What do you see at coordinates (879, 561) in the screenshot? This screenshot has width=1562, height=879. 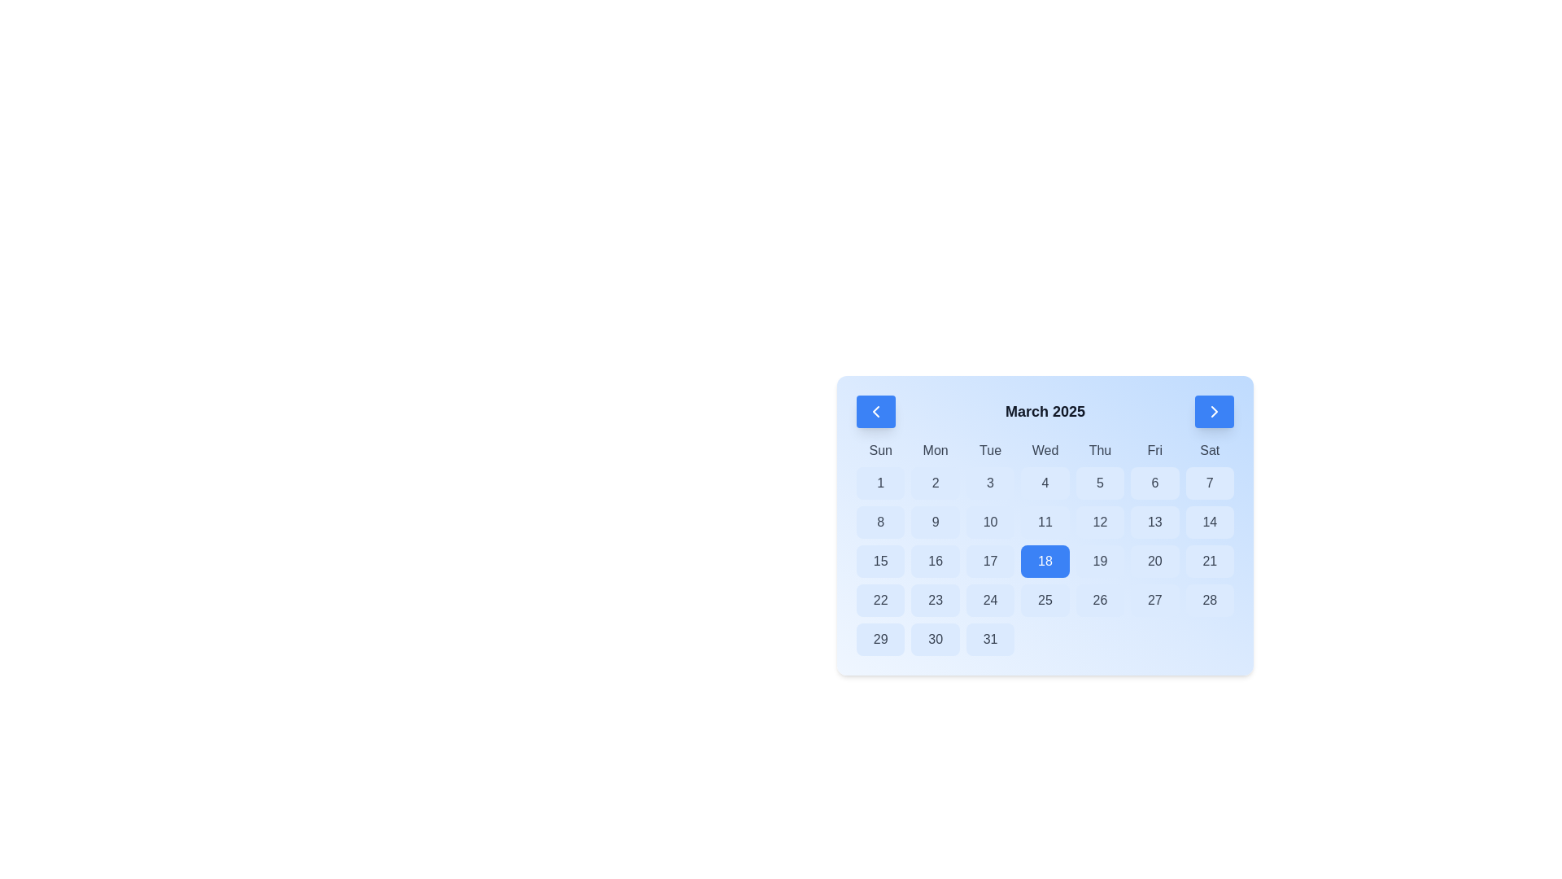 I see `the button representing the date '15th' in the calendar, located in the third row, first column under the 'Sun' label` at bounding box center [879, 561].